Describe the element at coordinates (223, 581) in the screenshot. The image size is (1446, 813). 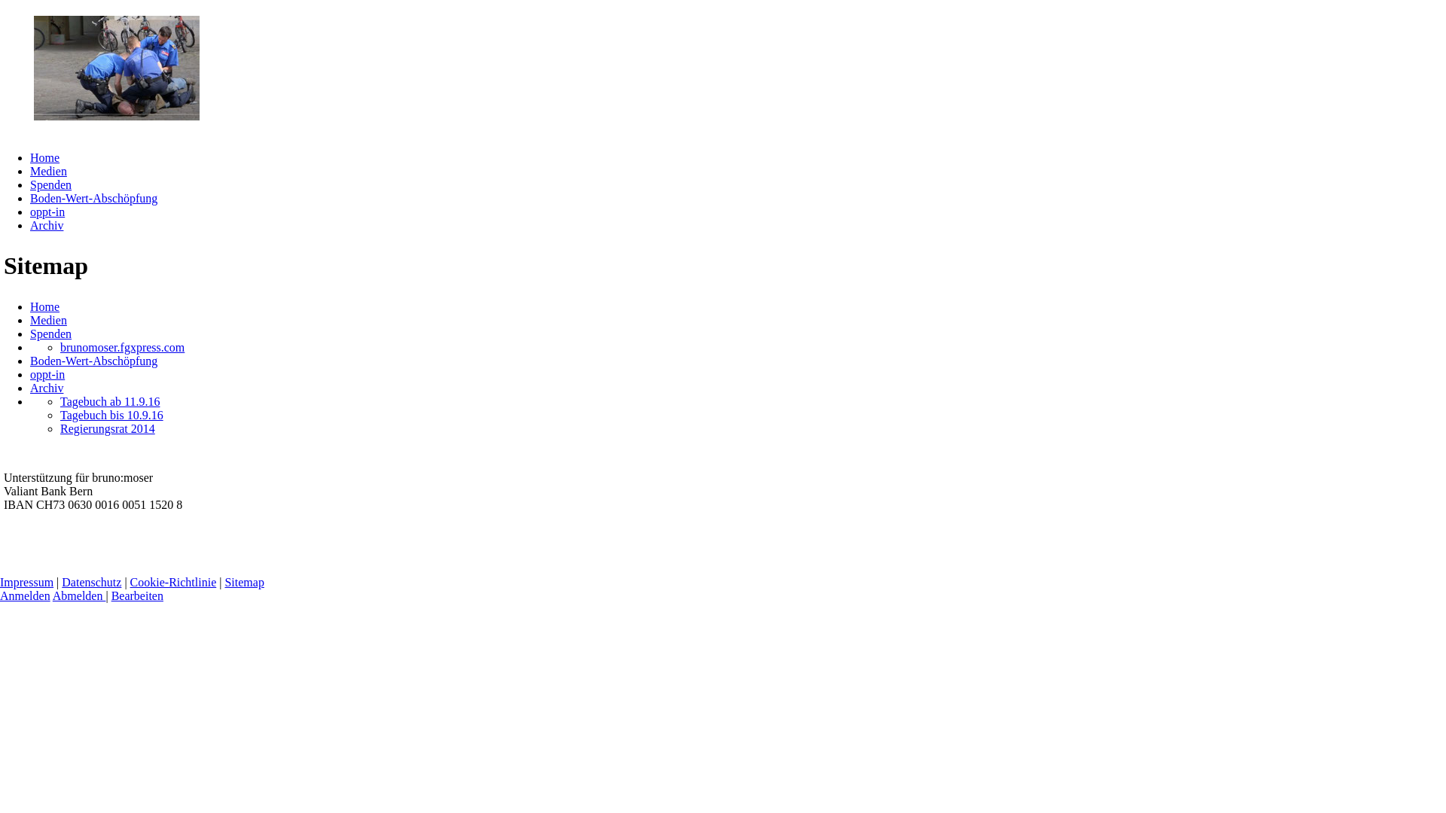
I see `'Sitemap'` at that location.